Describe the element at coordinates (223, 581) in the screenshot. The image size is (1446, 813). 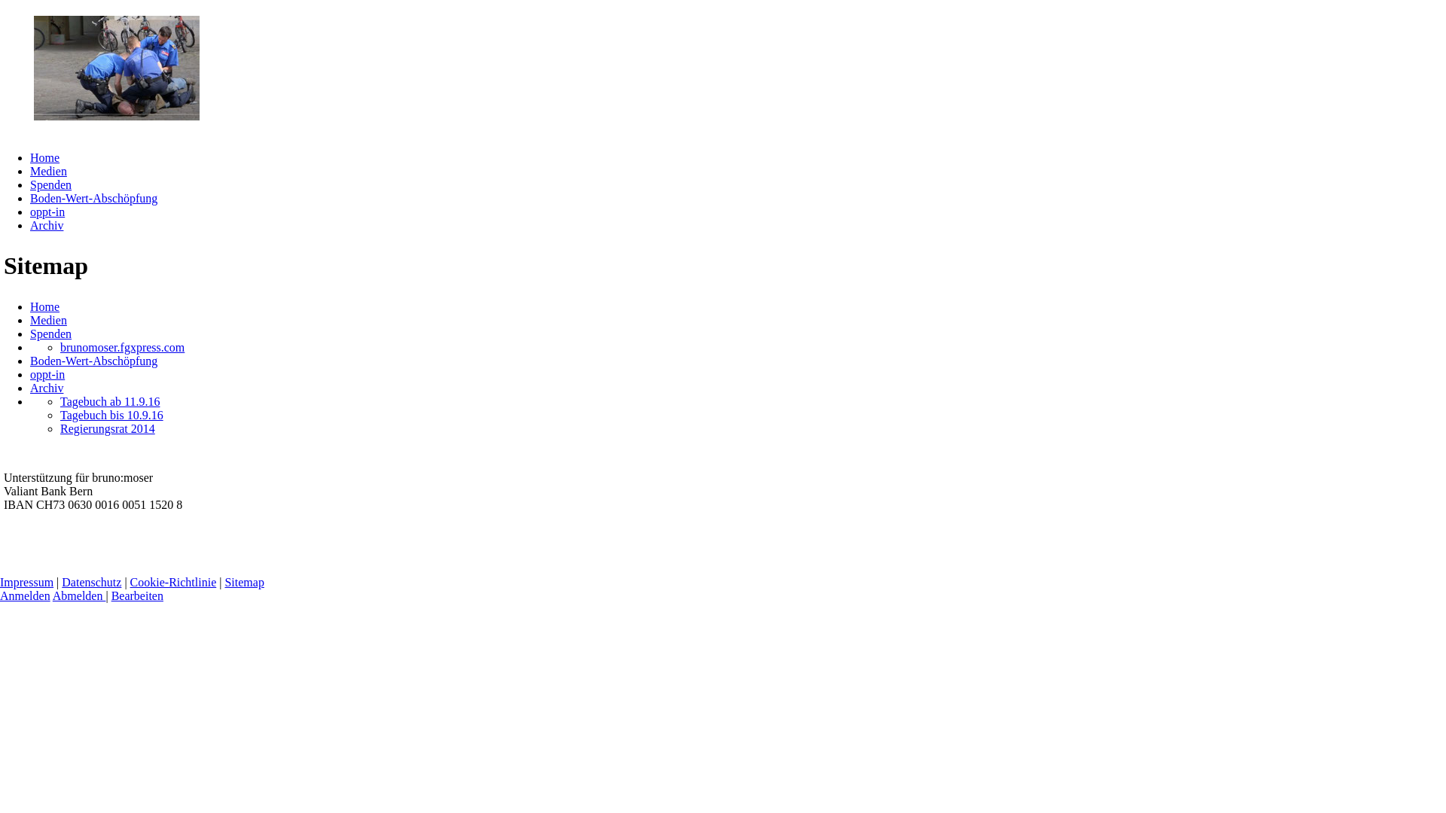
I see `'Sitemap'` at that location.